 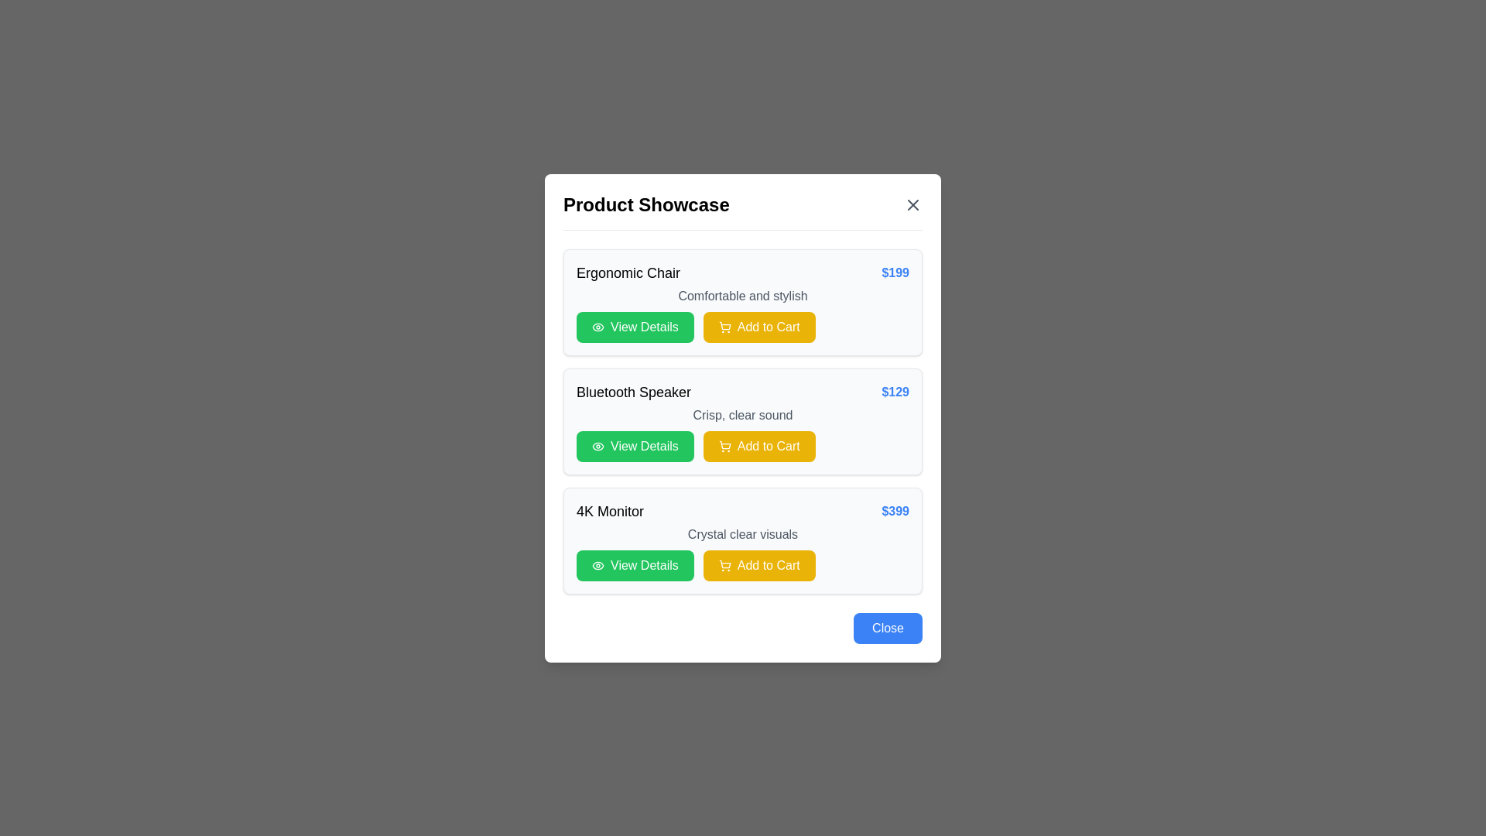 I want to click on the 'X' icon button in the top-right corner of the 'Product Showcase' modal title bar to observe any hover styling effects, so click(x=913, y=204).